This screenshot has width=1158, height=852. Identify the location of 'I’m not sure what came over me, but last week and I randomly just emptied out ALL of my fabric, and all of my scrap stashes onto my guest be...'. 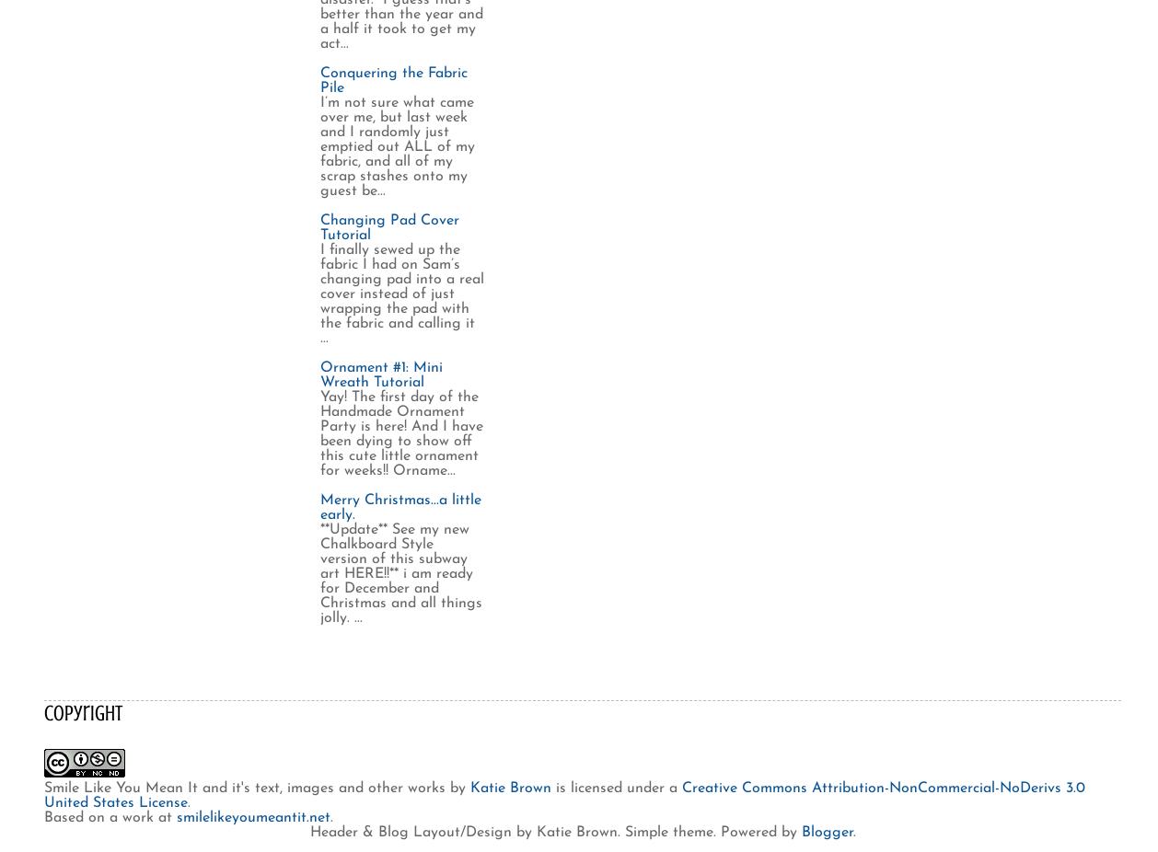
(318, 144).